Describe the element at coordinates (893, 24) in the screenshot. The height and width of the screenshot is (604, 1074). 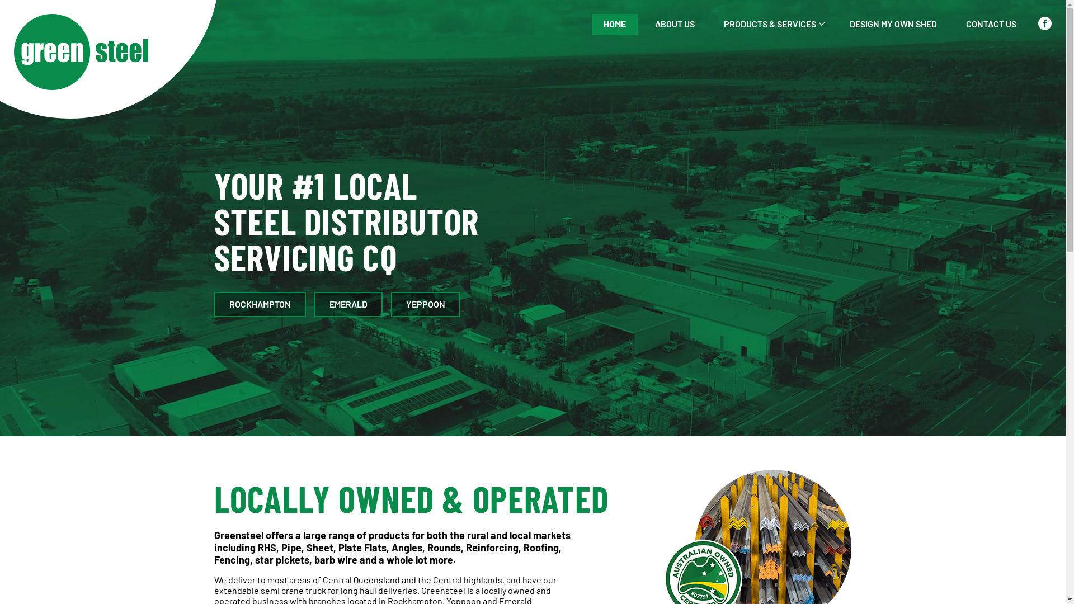
I see `'DESIGN MY OWN SHED'` at that location.